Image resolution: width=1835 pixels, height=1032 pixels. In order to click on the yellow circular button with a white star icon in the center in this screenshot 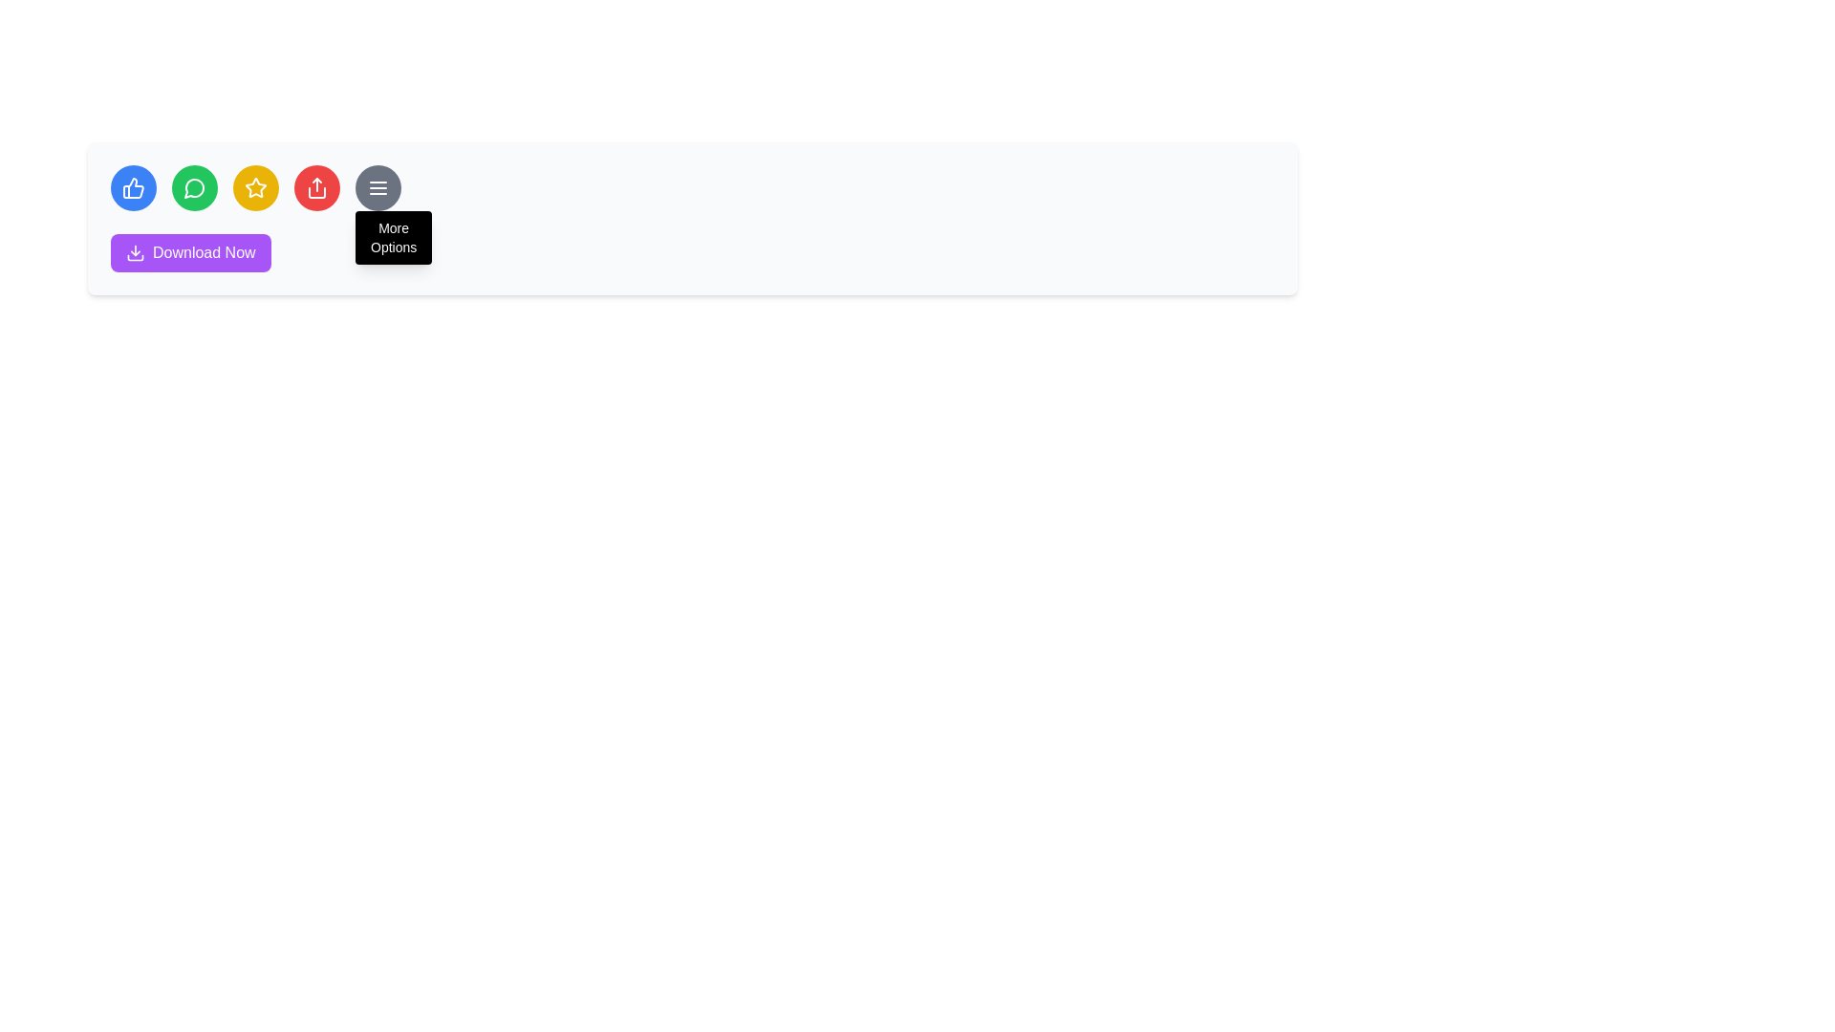, I will do `click(255, 187)`.